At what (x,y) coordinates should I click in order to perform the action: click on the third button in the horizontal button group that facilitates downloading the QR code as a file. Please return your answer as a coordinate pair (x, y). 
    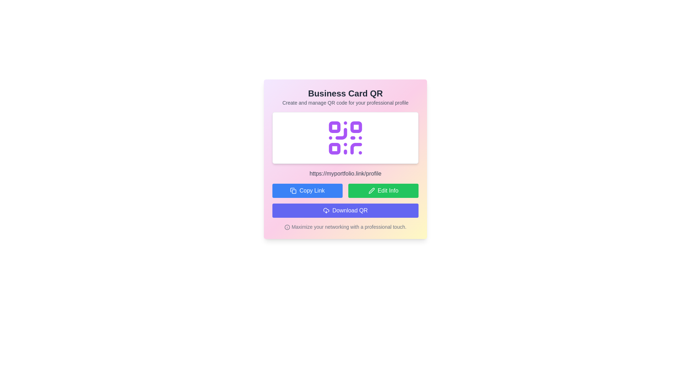
    Looking at the image, I should click on (345, 210).